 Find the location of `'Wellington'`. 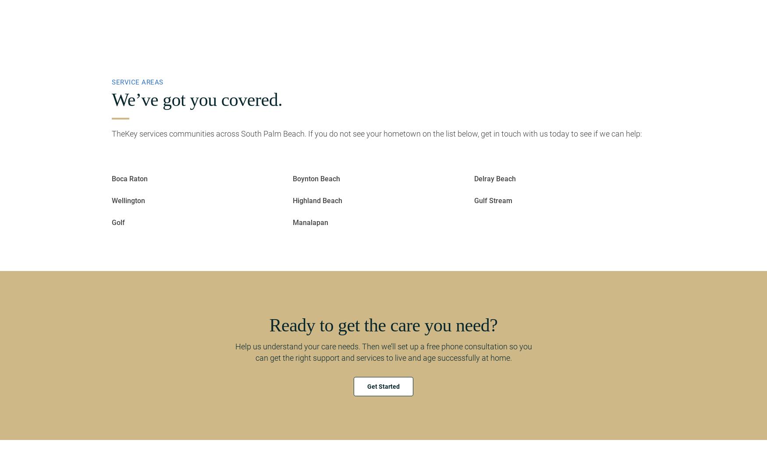

'Wellington' is located at coordinates (128, 200).